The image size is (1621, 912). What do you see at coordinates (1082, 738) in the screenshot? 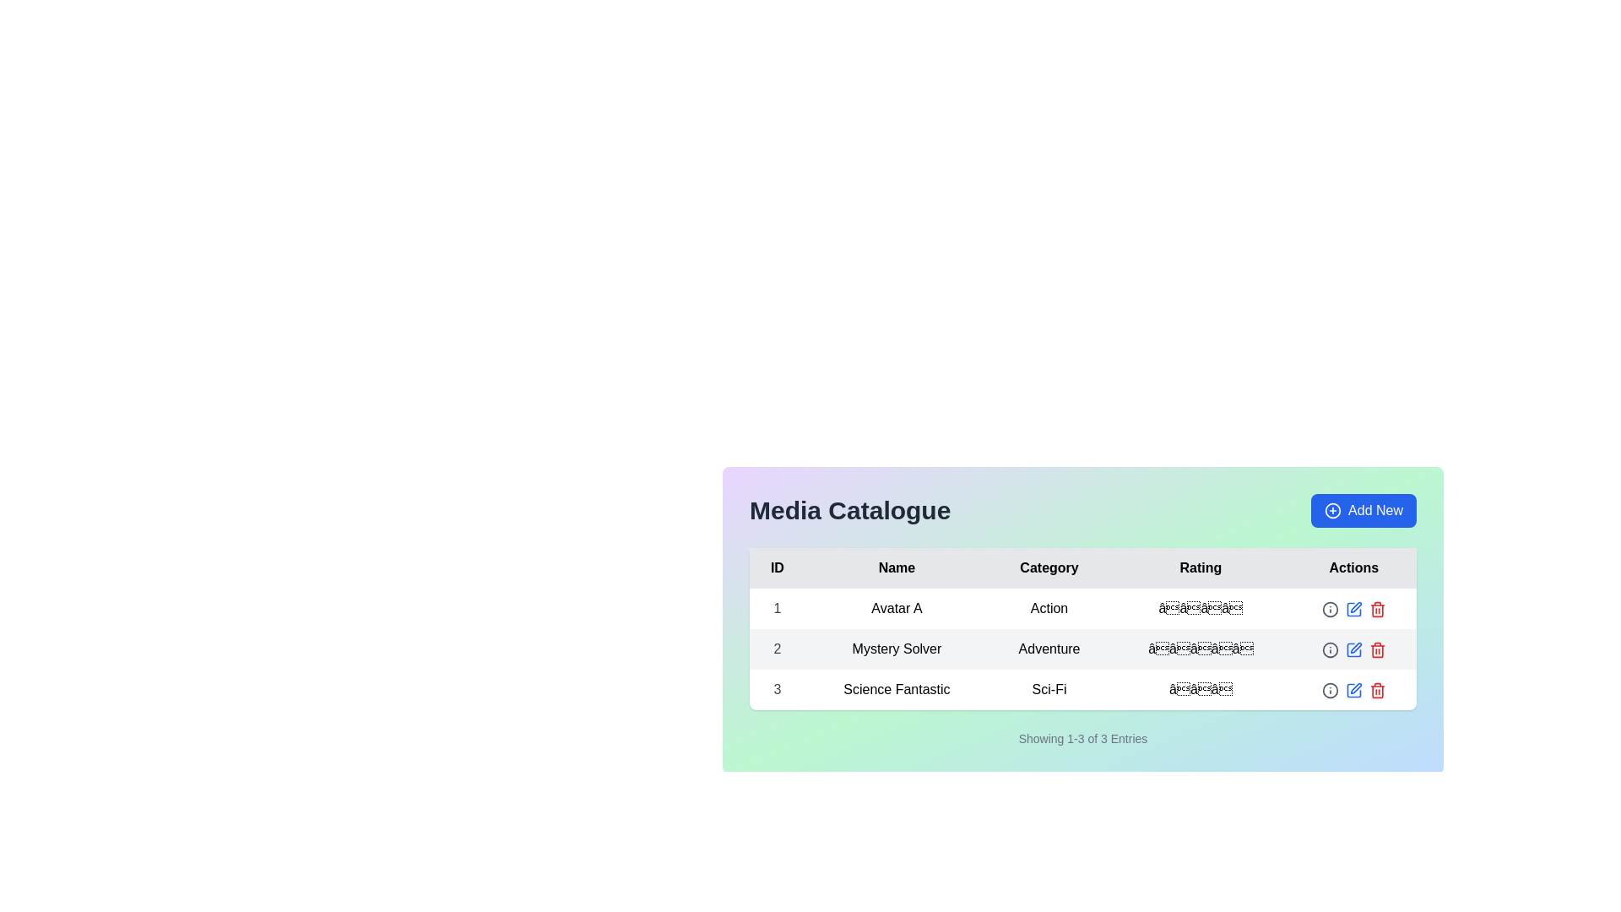
I see `the Text label that displays the range and number of entries visible on the current page, located in the center bottom area just below the media catalog table` at bounding box center [1082, 738].